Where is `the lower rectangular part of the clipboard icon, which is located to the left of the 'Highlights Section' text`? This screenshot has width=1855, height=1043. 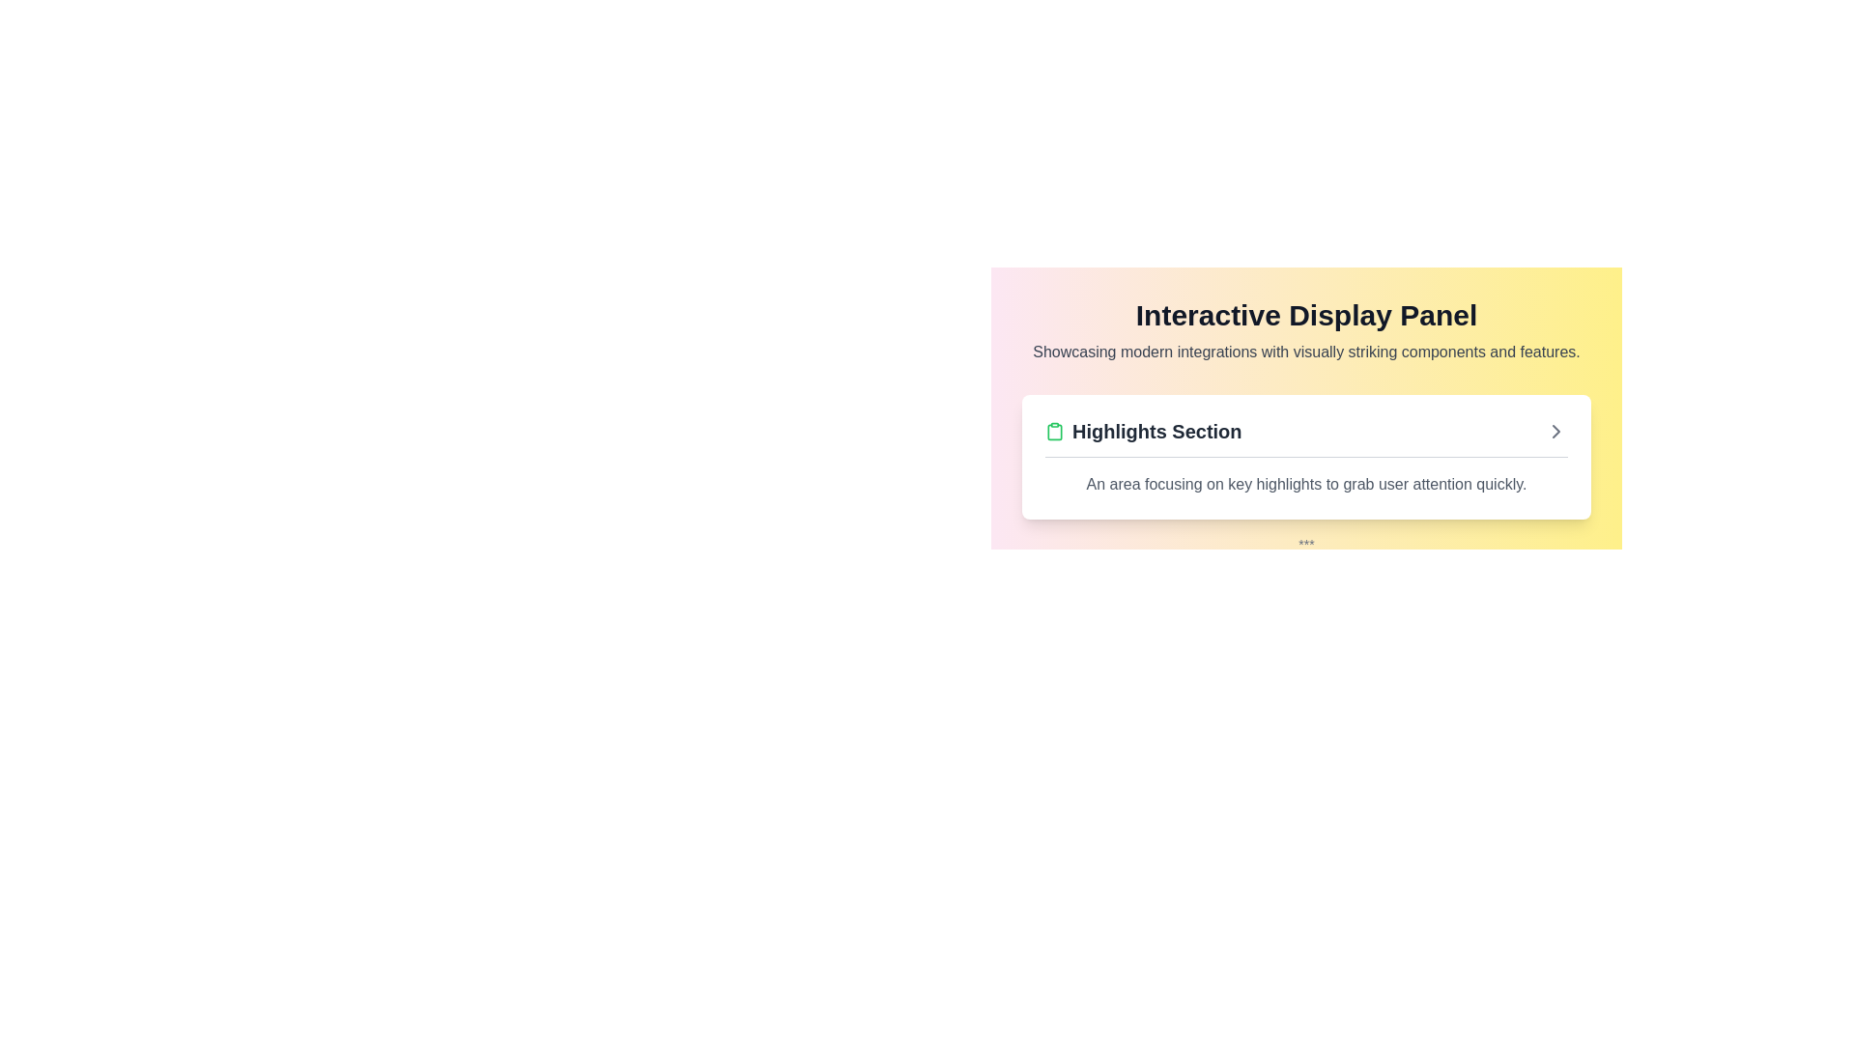 the lower rectangular part of the clipboard icon, which is located to the left of the 'Highlights Section' text is located at coordinates (1053, 431).